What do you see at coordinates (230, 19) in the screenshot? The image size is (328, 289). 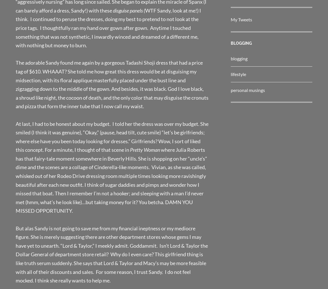 I see `'My Tweets'` at bounding box center [230, 19].